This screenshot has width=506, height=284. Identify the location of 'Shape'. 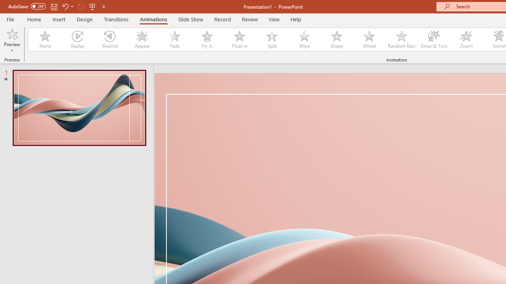
(337, 39).